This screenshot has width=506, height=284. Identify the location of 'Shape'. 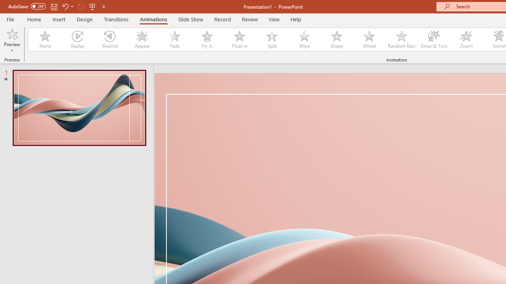
(337, 39).